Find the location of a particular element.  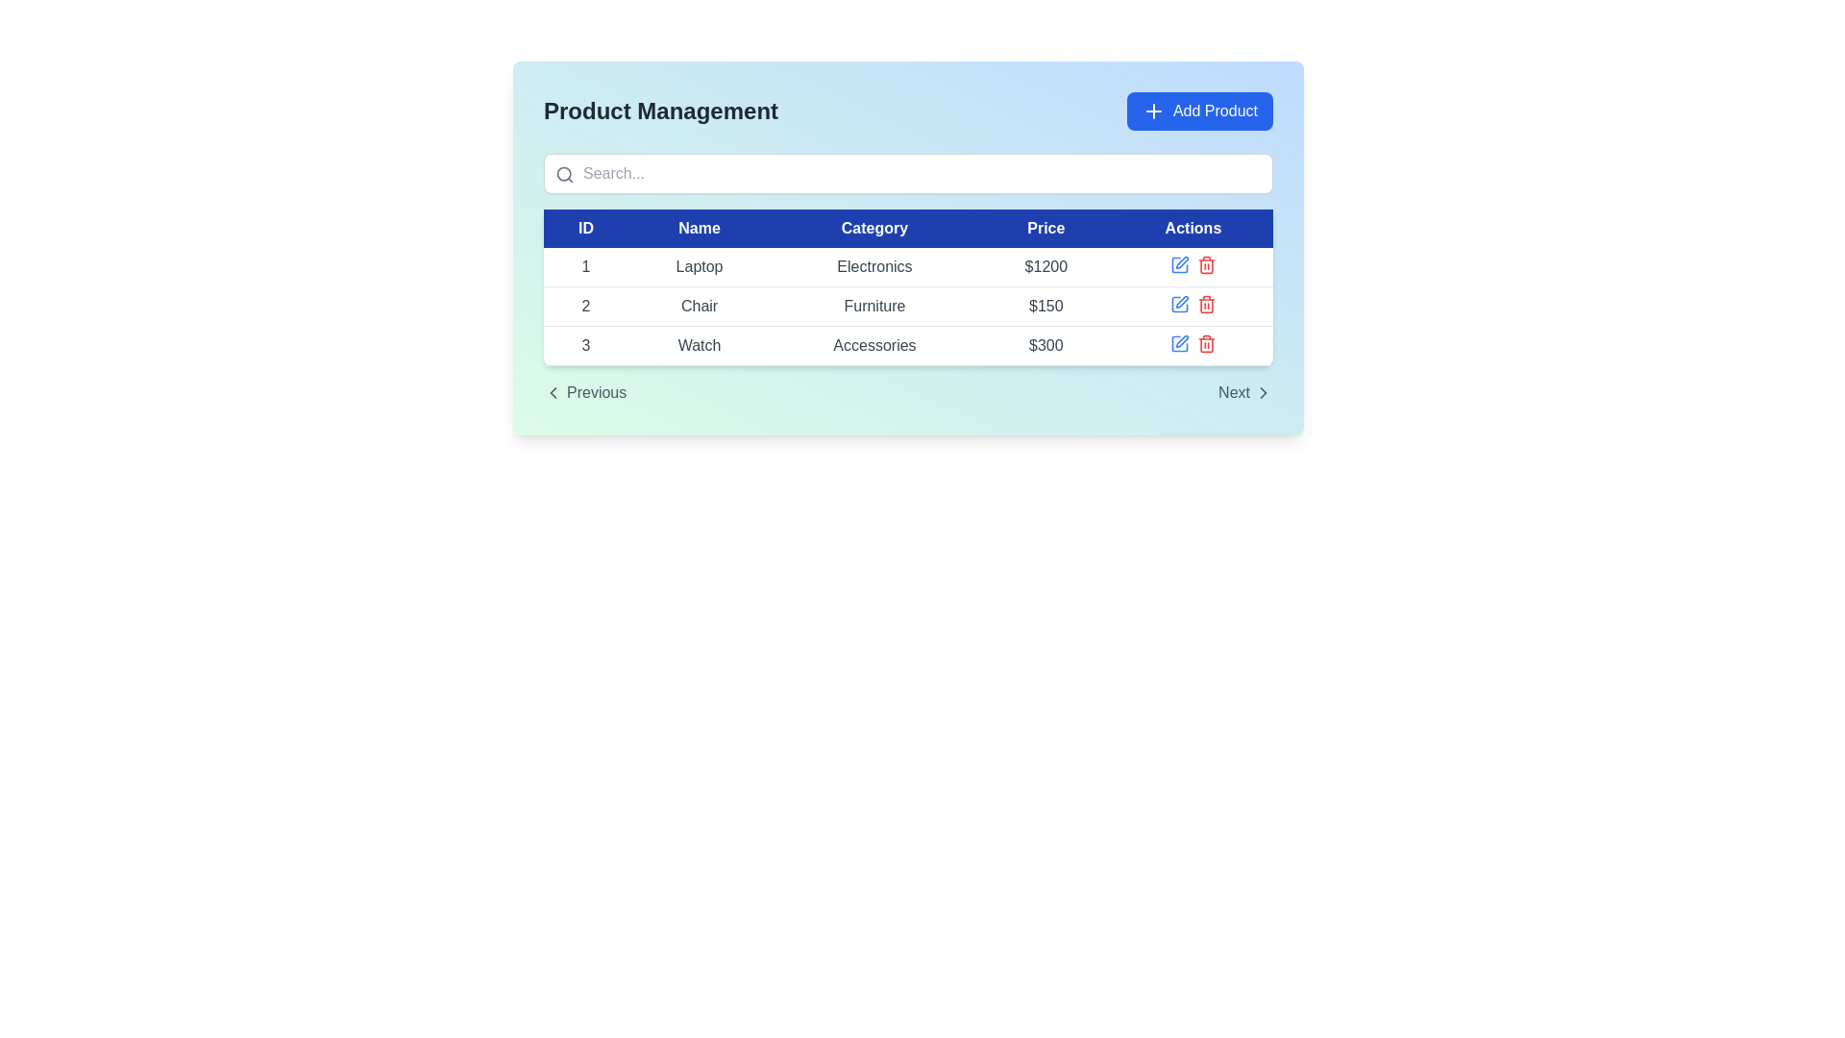

the leftmost edit icon in the 'Actions' column of the second row in the table to initiate an edit action is located at coordinates (1179, 303).